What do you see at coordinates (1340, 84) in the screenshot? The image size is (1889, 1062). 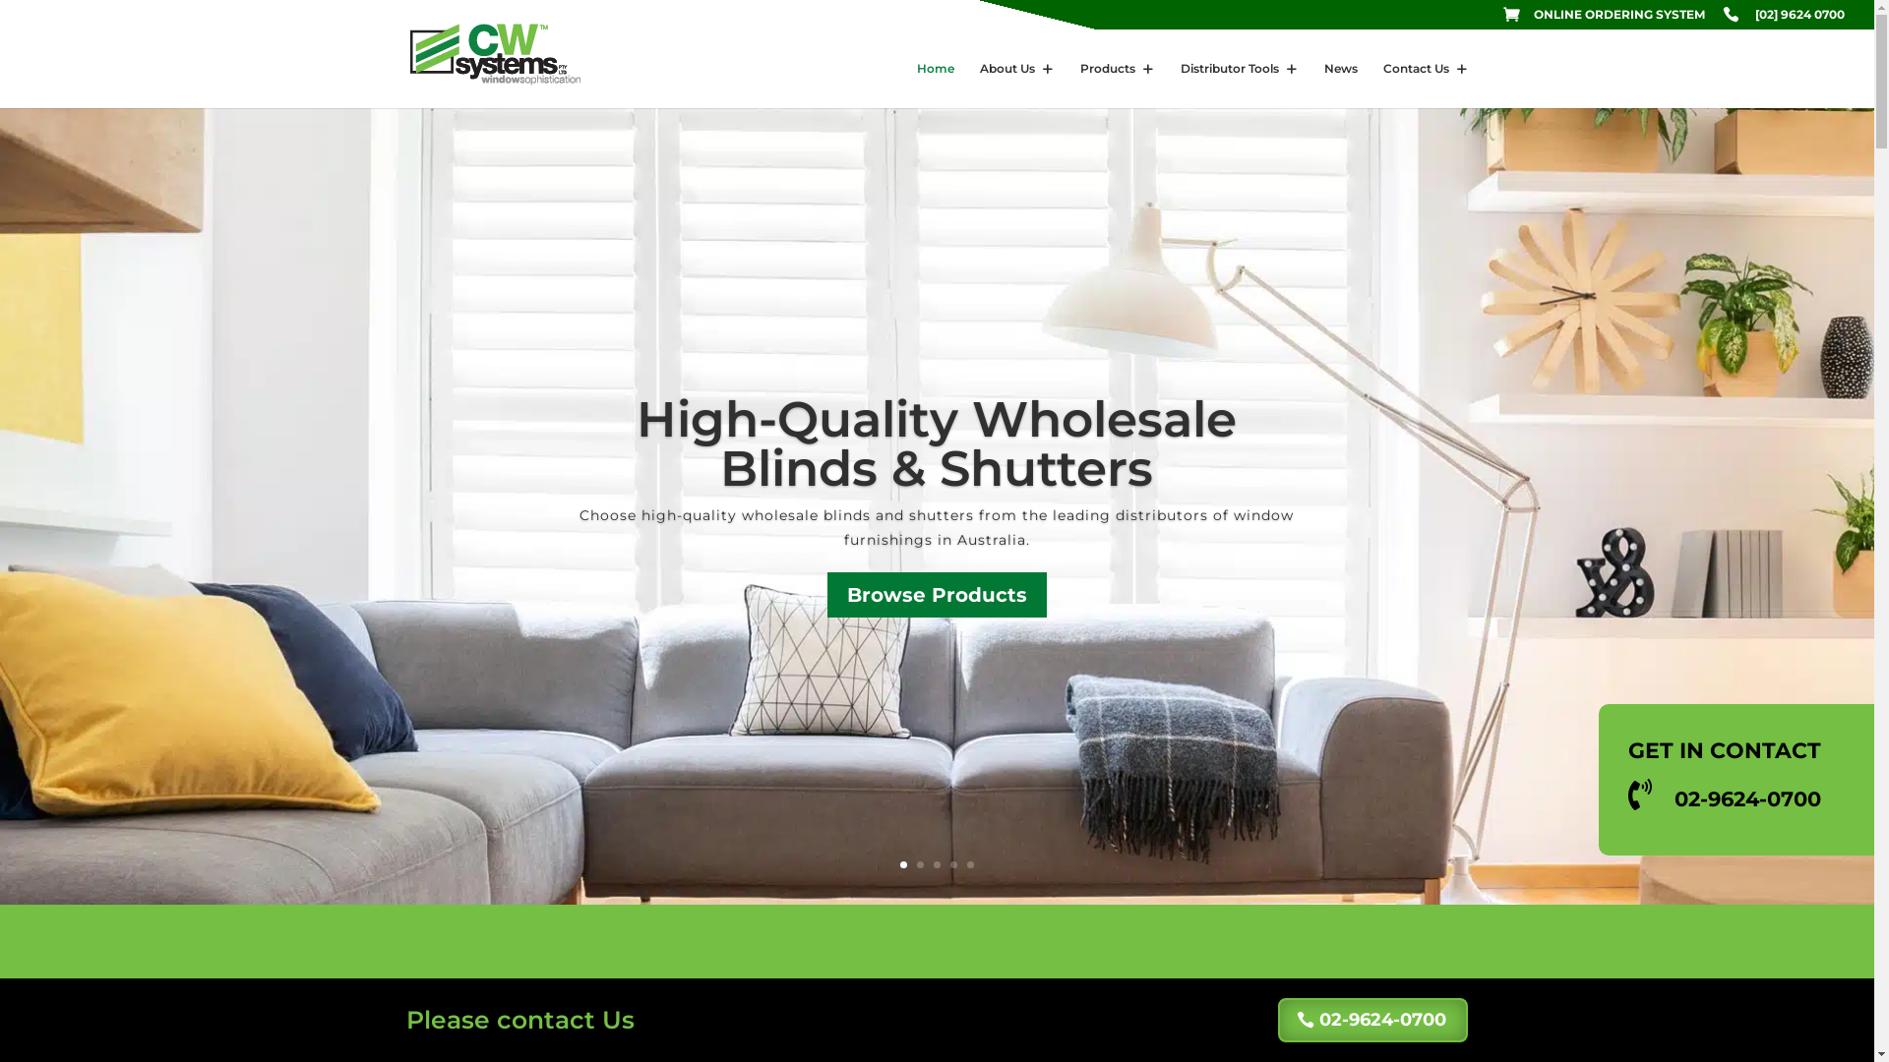 I see `'News'` at bounding box center [1340, 84].